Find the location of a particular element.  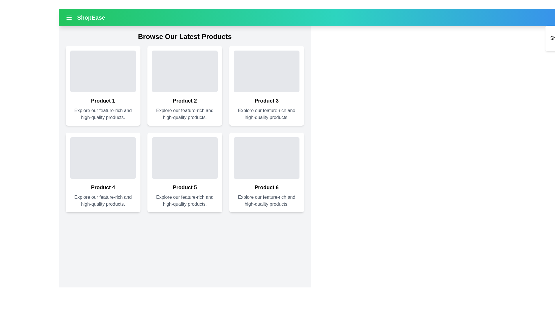

the text label reading 'Explore our feature-rich and high-quality products.' located at the bottom of the 'Product 2' card for possible interactions is located at coordinates (184, 114).